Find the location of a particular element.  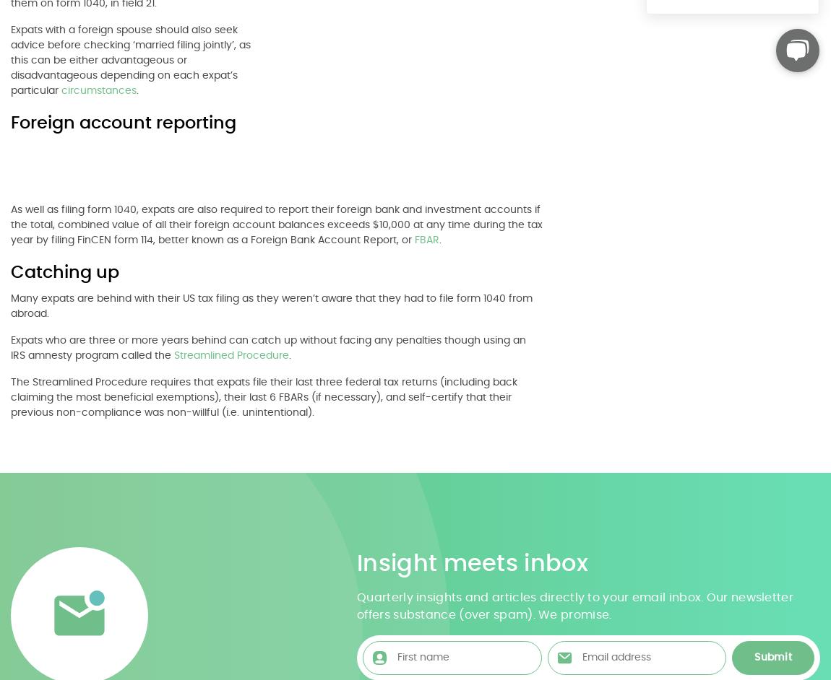

'Foreign account reporting' is located at coordinates (123, 122).